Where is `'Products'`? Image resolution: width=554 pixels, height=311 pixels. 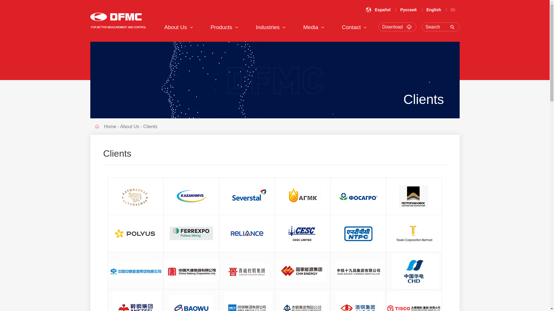
'Products' is located at coordinates (221, 27).